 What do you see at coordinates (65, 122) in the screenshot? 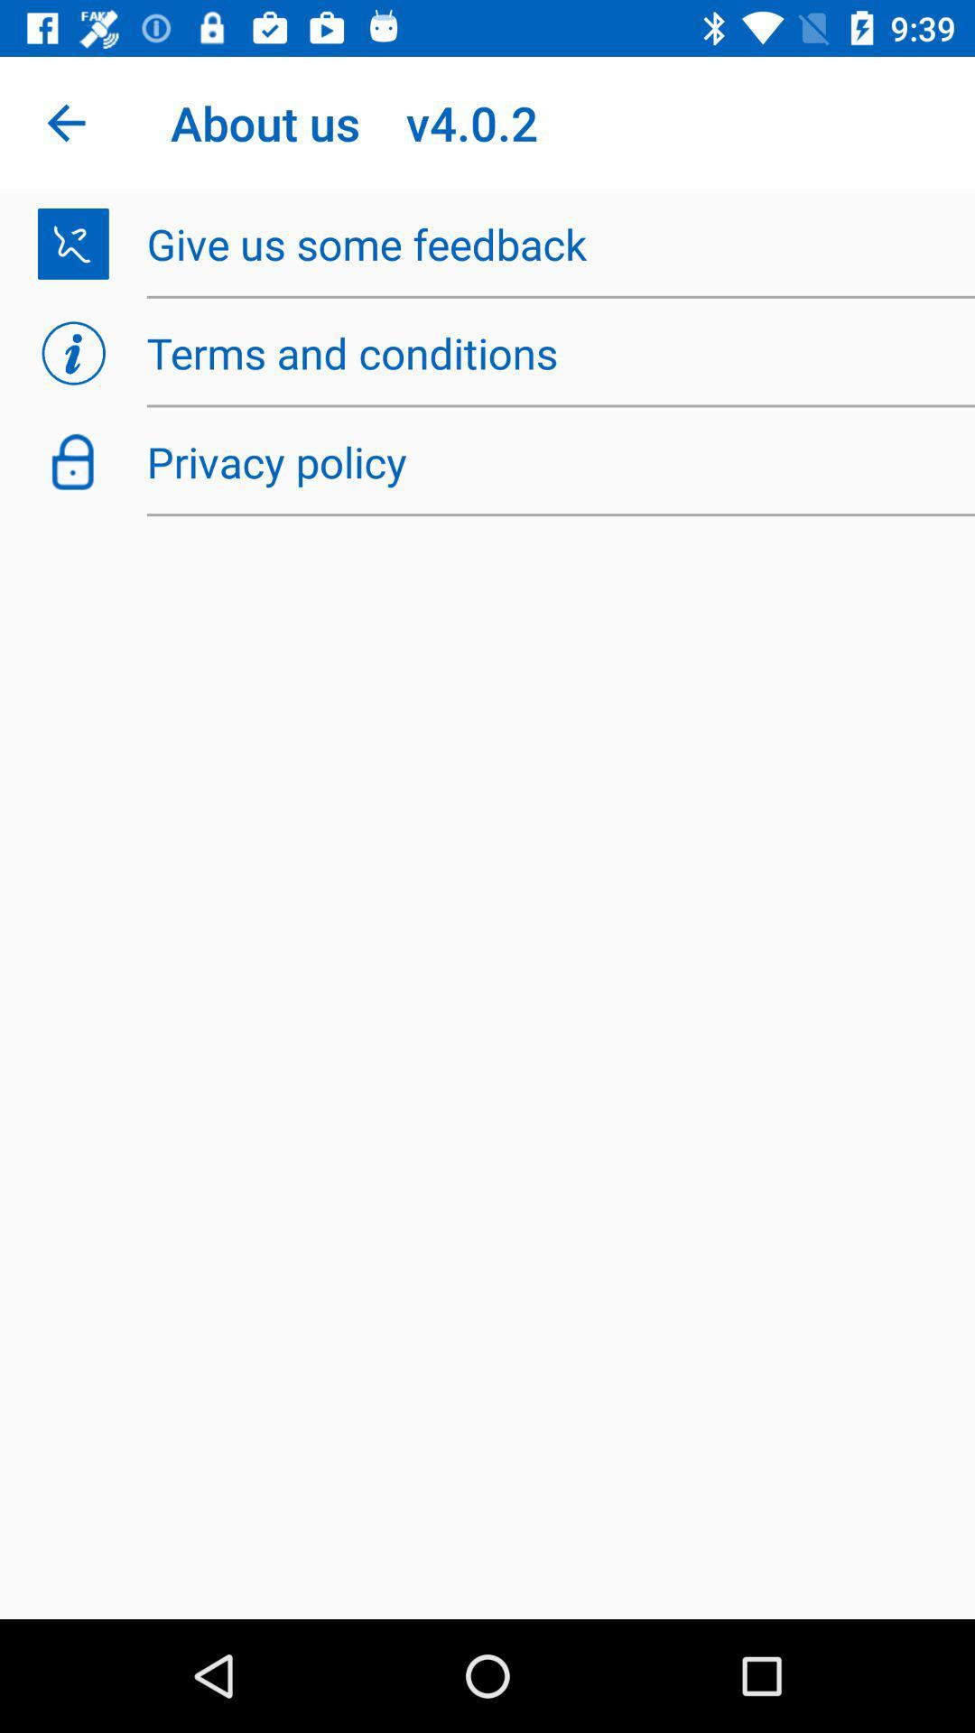
I see `app next to the about us v4 app` at bounding box center [65, 122].